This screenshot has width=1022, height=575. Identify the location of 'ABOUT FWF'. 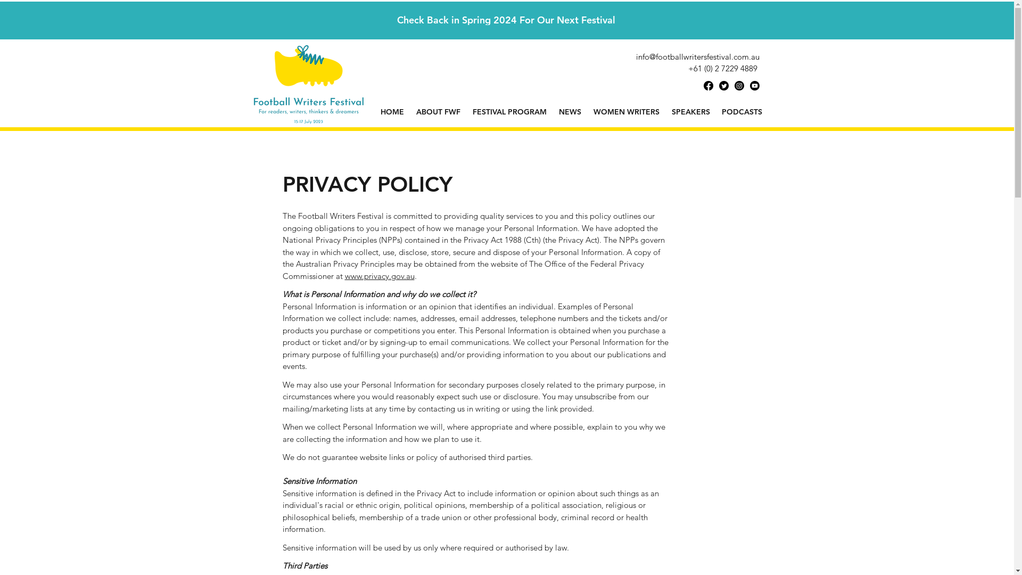
(438, 111).